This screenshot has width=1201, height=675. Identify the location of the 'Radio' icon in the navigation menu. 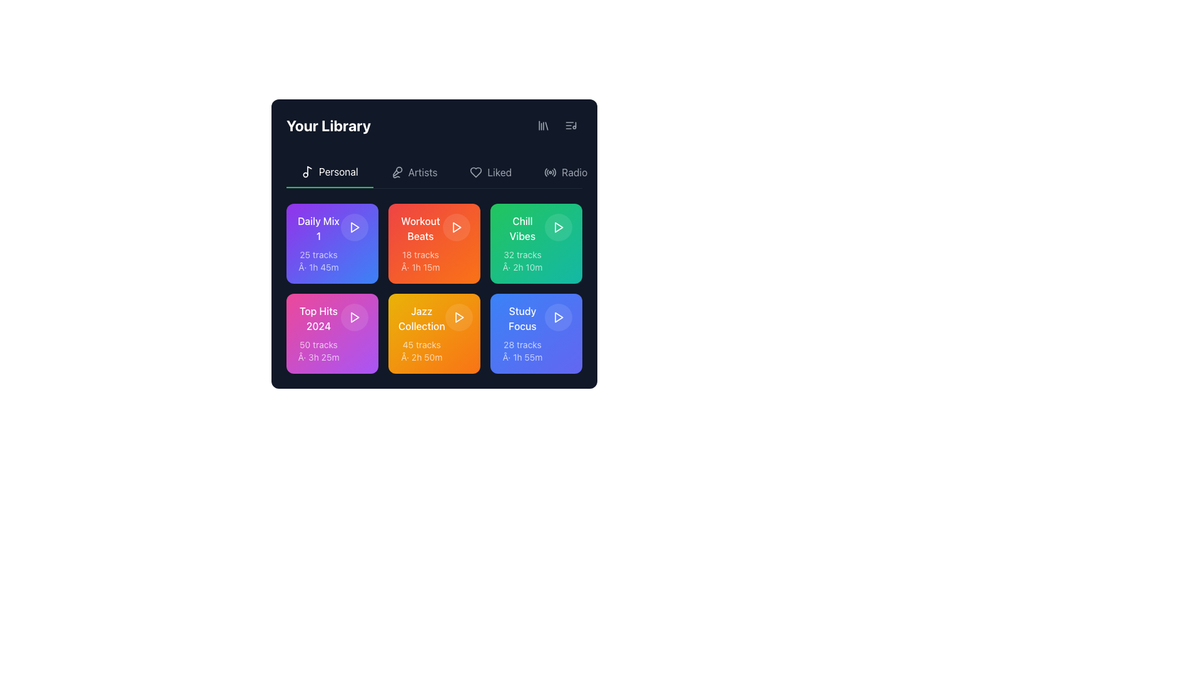
(550, 172).